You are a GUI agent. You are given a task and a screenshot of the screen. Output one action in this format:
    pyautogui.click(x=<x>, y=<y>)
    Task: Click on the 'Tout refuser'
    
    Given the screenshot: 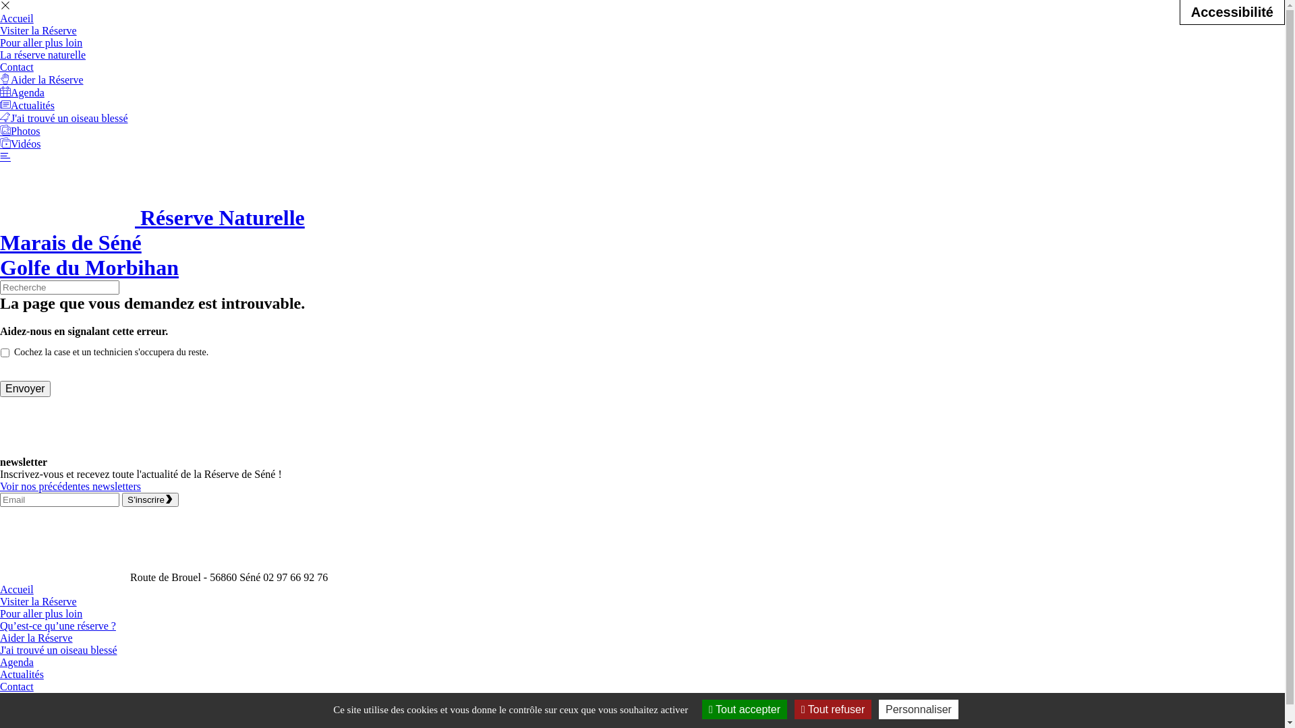 What is the action you would take?
    pyautogui.click(x=832, y=708)
    